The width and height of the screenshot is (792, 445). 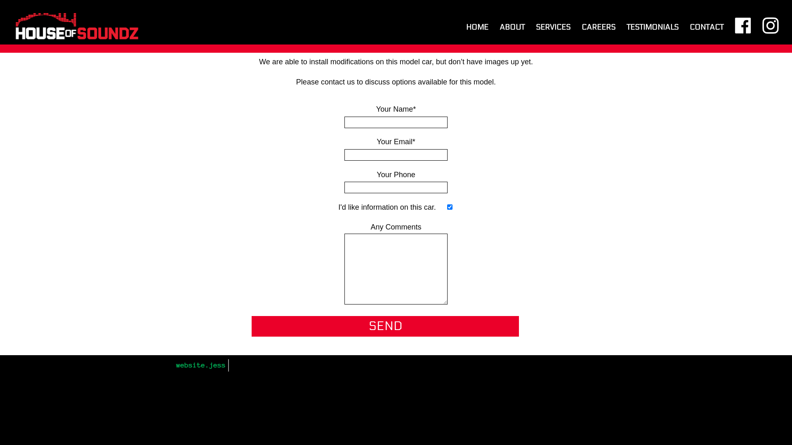 I want to click on 'CONTACT', so click(x=689, y=34).